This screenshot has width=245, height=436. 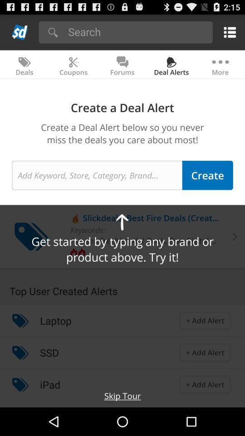 What do you see at coordinates (137, 31) in the screenshot?
I see `search` at bounding box center [137, 31].